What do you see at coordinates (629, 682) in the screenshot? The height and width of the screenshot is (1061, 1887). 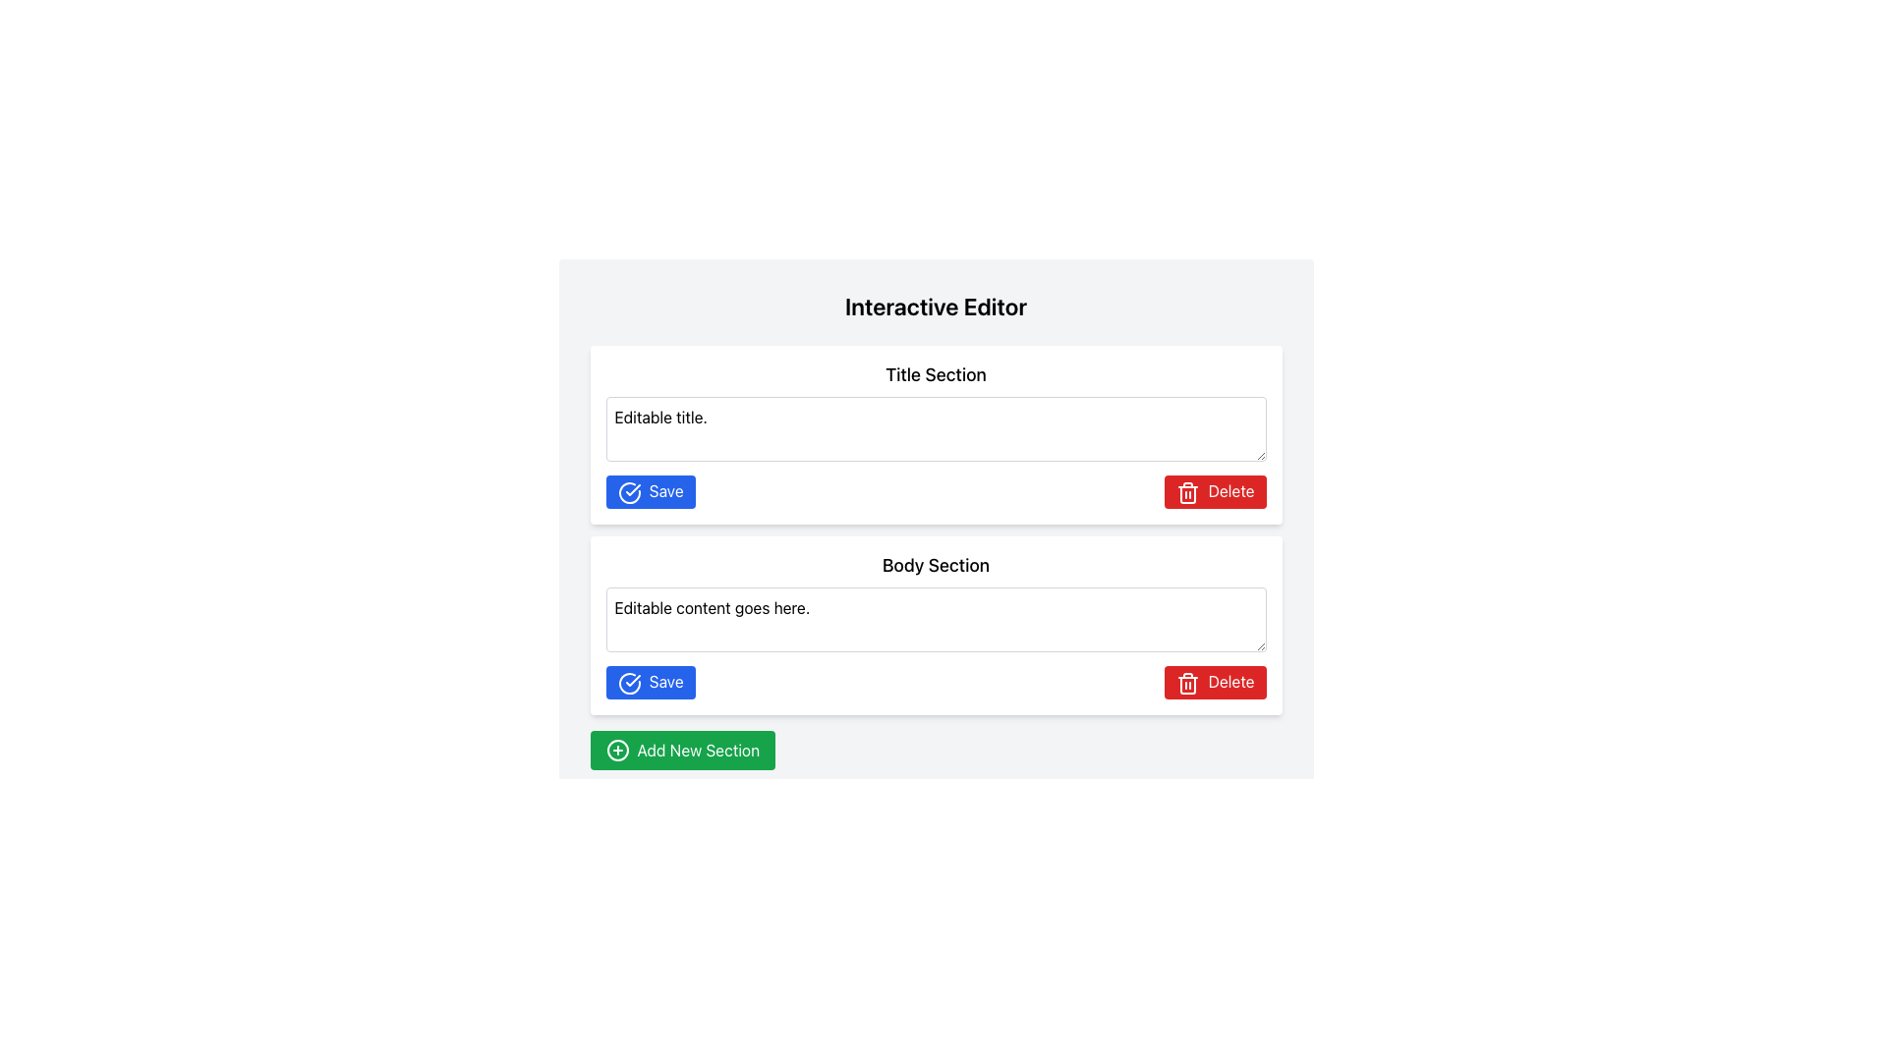 I see `the checkmark icon within the blue circular shape, which is part of the 'Save' button, located to the left of the button text` at bounding box center [629, 682].